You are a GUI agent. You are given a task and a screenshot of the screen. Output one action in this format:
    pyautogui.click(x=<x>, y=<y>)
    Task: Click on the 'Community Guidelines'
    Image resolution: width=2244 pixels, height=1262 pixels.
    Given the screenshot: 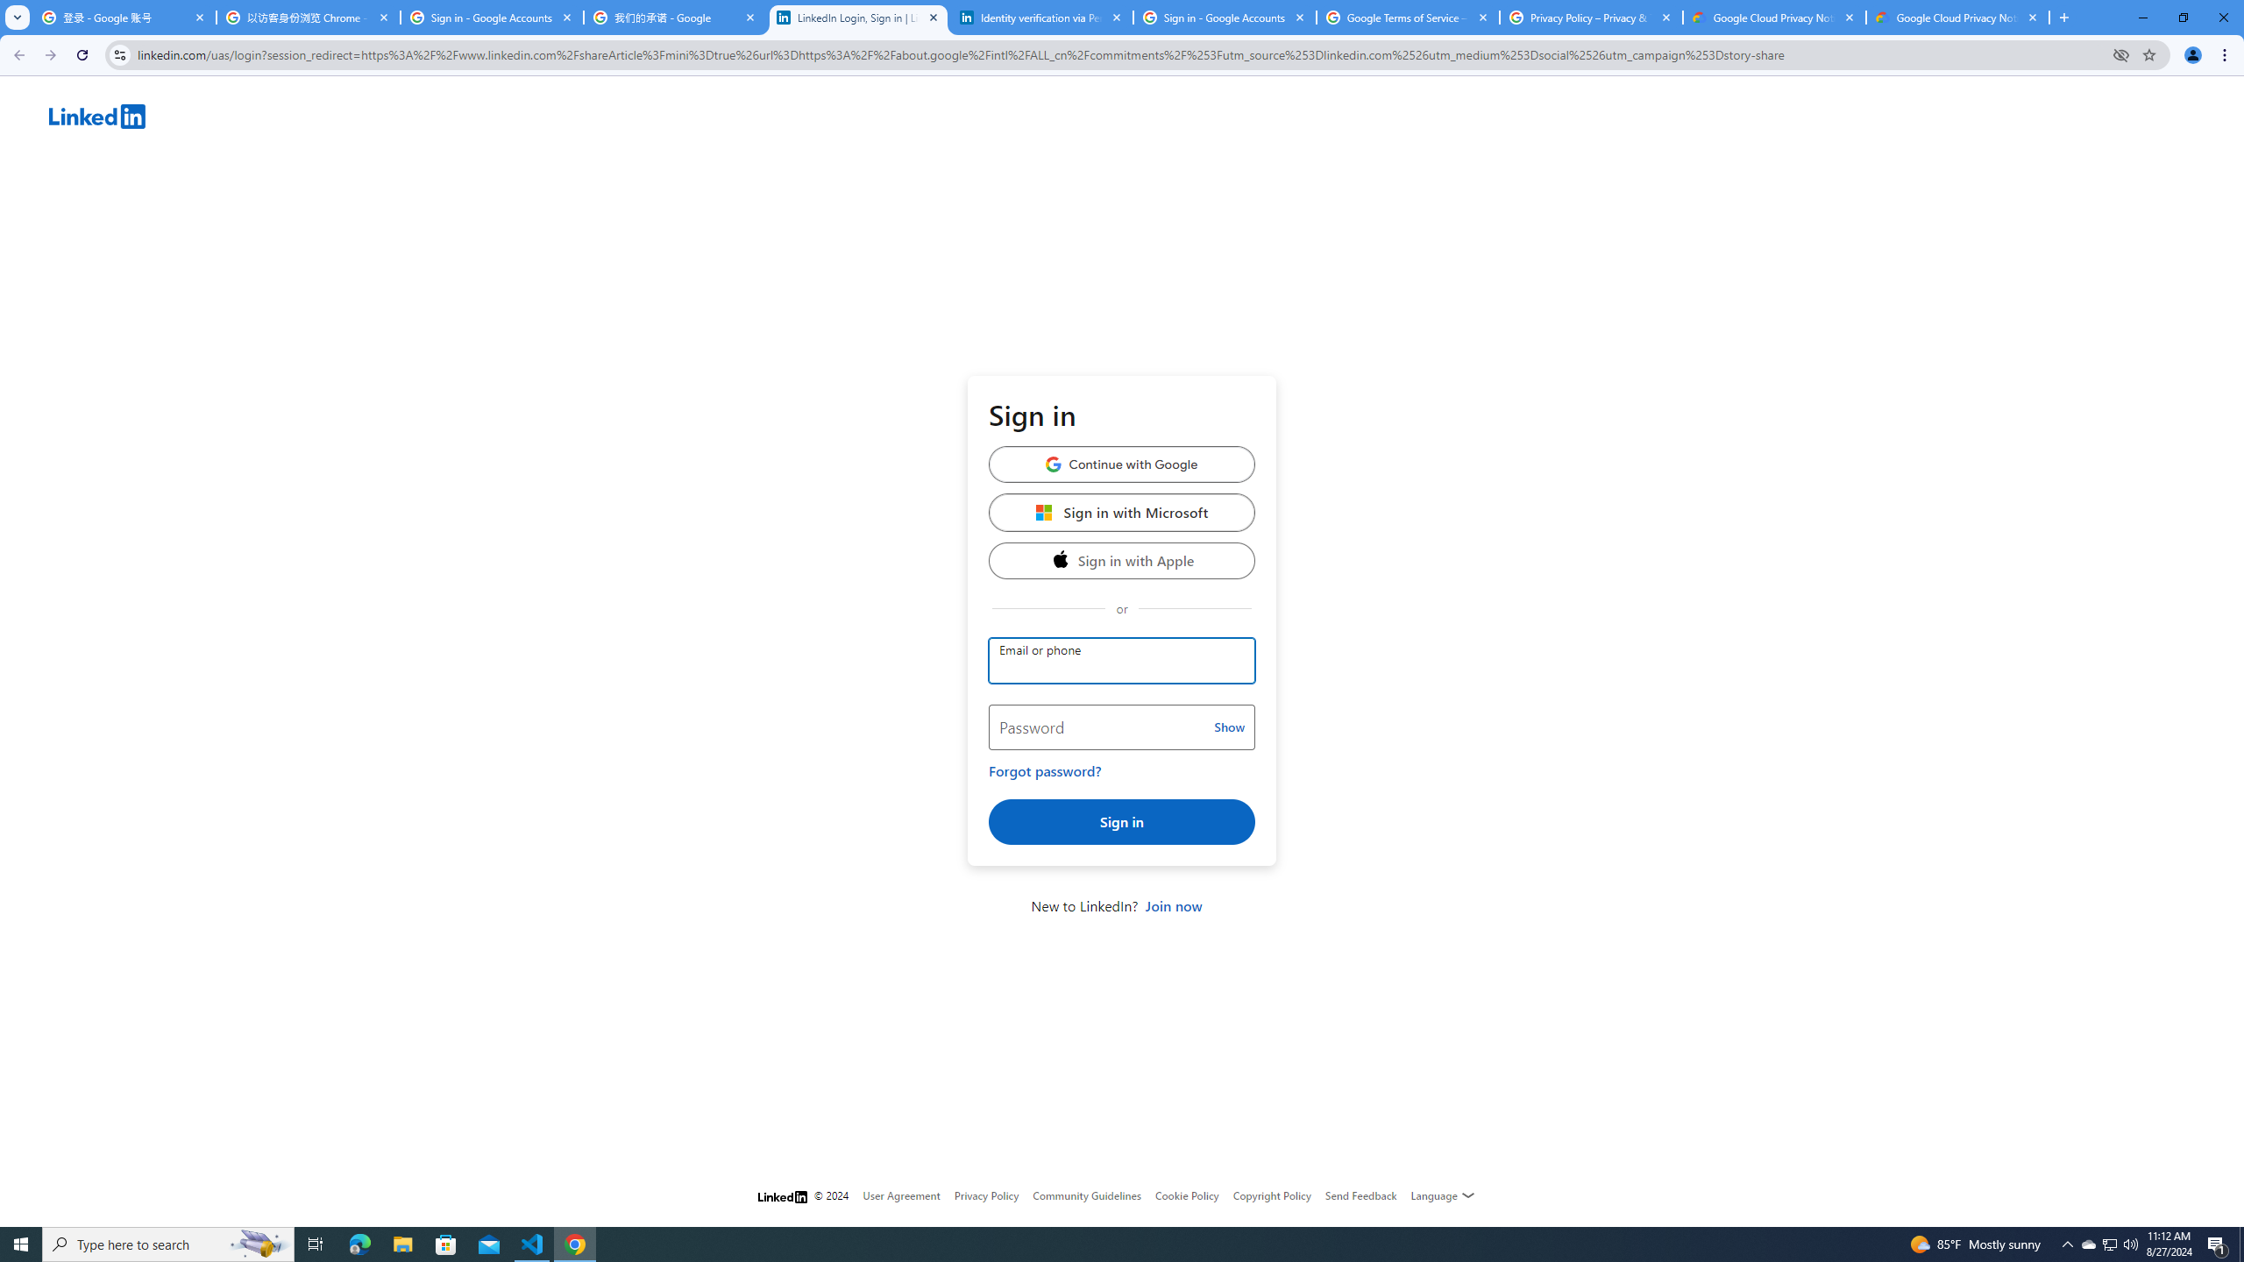 What is the action you would take?
    pyautogui.click(x=1086, y=1195)
    